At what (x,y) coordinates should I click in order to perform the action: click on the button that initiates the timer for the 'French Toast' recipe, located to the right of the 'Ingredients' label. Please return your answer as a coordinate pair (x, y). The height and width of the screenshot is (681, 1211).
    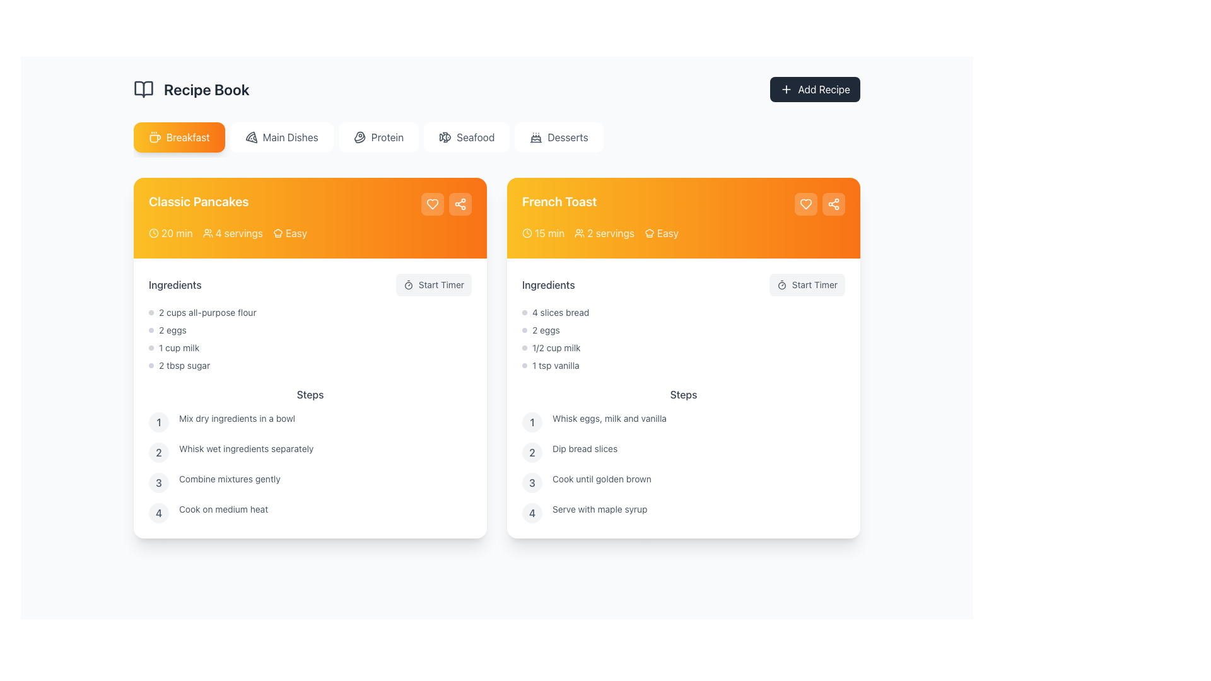
    Looking at the image, I should click on (806, 284).